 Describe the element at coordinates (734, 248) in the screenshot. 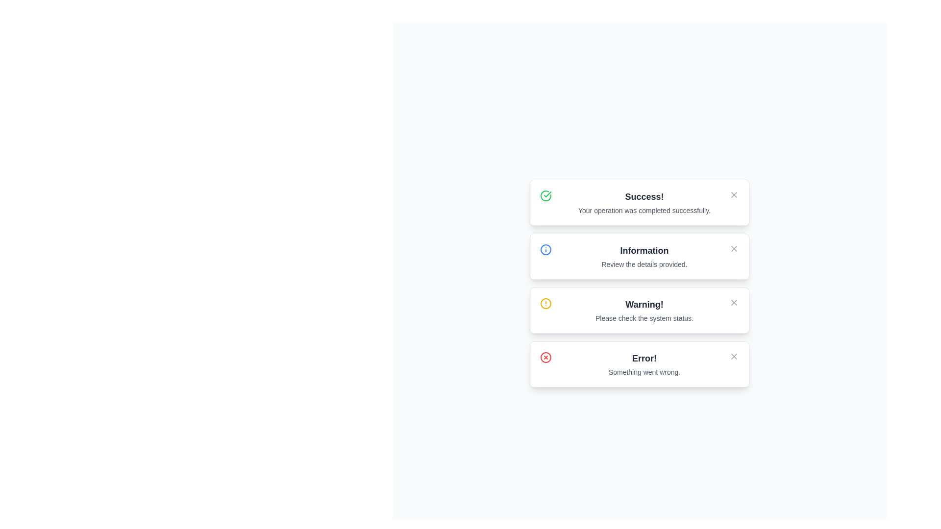

I see `the close button in the top-right corner of the 'Information' notification card` at that location.